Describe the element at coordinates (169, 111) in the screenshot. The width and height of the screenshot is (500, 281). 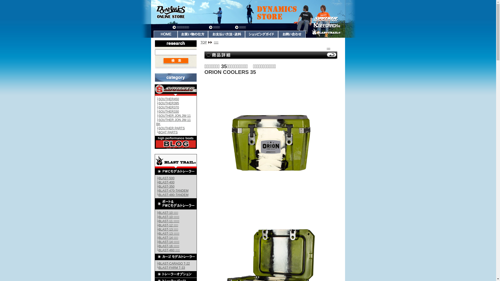
I see `'SOUTHER330'` at that location.